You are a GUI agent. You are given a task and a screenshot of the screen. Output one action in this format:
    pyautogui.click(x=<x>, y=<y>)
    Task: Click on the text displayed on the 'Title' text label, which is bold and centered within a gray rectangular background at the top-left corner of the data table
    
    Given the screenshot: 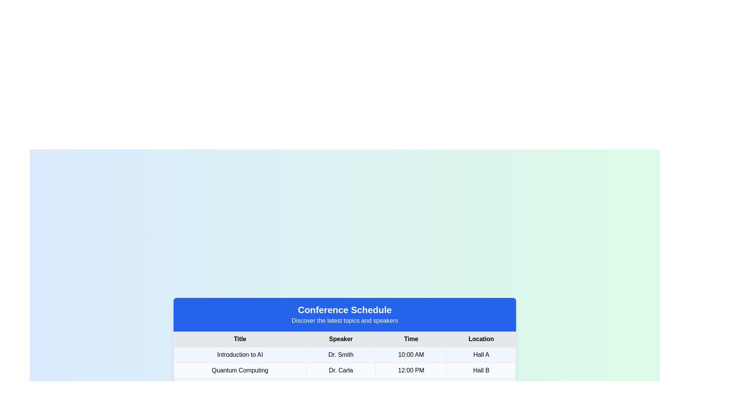 What is the action you would take?
    pyautogui.click(x=240, y=339)
    